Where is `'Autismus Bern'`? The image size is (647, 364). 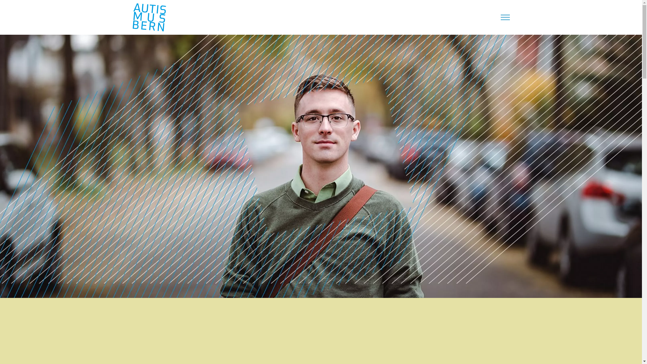
'Autismus Bern' is located at coordinates (148, 17).